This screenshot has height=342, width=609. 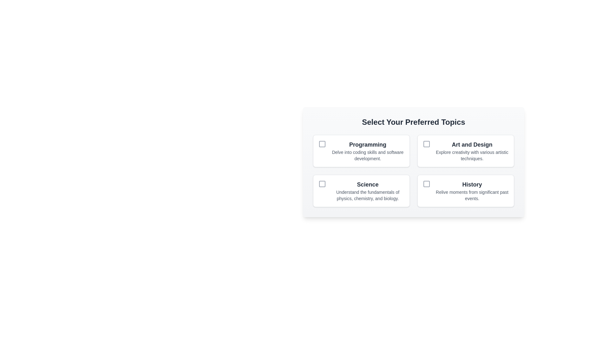 I want to click on the title label 'Art and Design' which is styled in bold, large font and located at the top-center of its card in the upper-right quadrant of the grid, so click(x=472, y=144).